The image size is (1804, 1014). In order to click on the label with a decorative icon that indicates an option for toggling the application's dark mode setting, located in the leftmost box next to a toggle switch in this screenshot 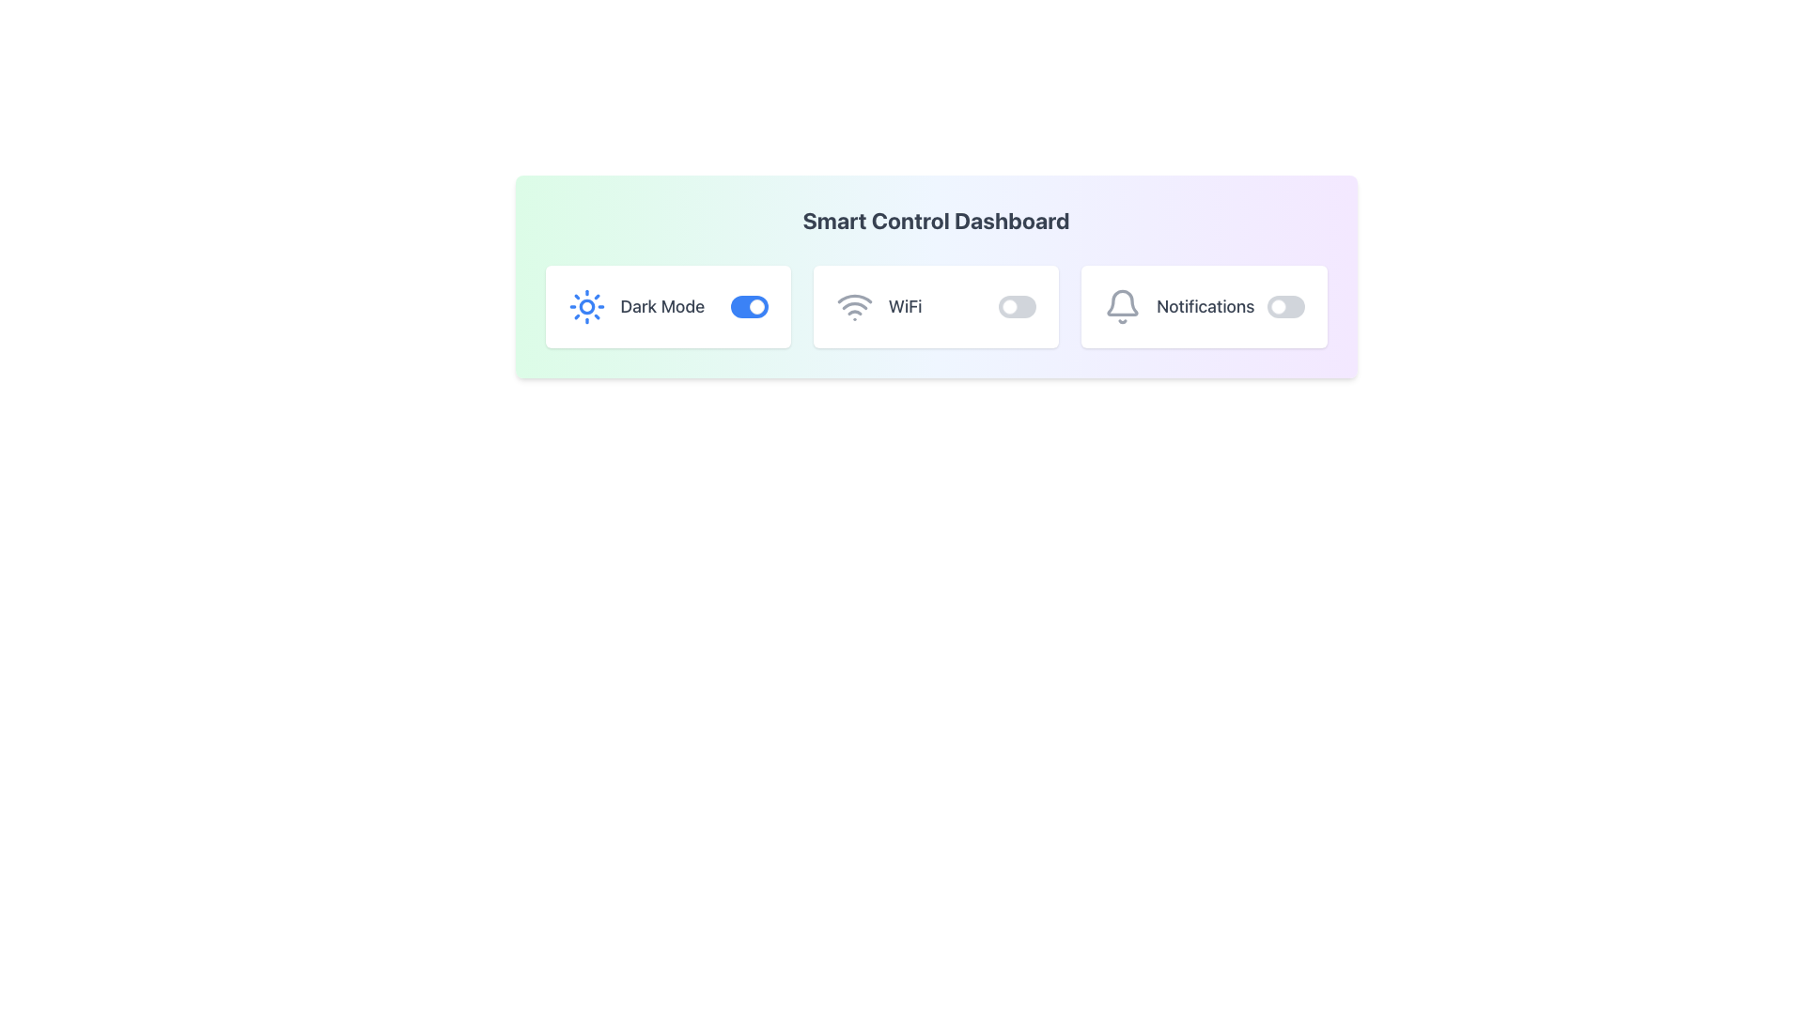, I will do `click(636, 306)`.